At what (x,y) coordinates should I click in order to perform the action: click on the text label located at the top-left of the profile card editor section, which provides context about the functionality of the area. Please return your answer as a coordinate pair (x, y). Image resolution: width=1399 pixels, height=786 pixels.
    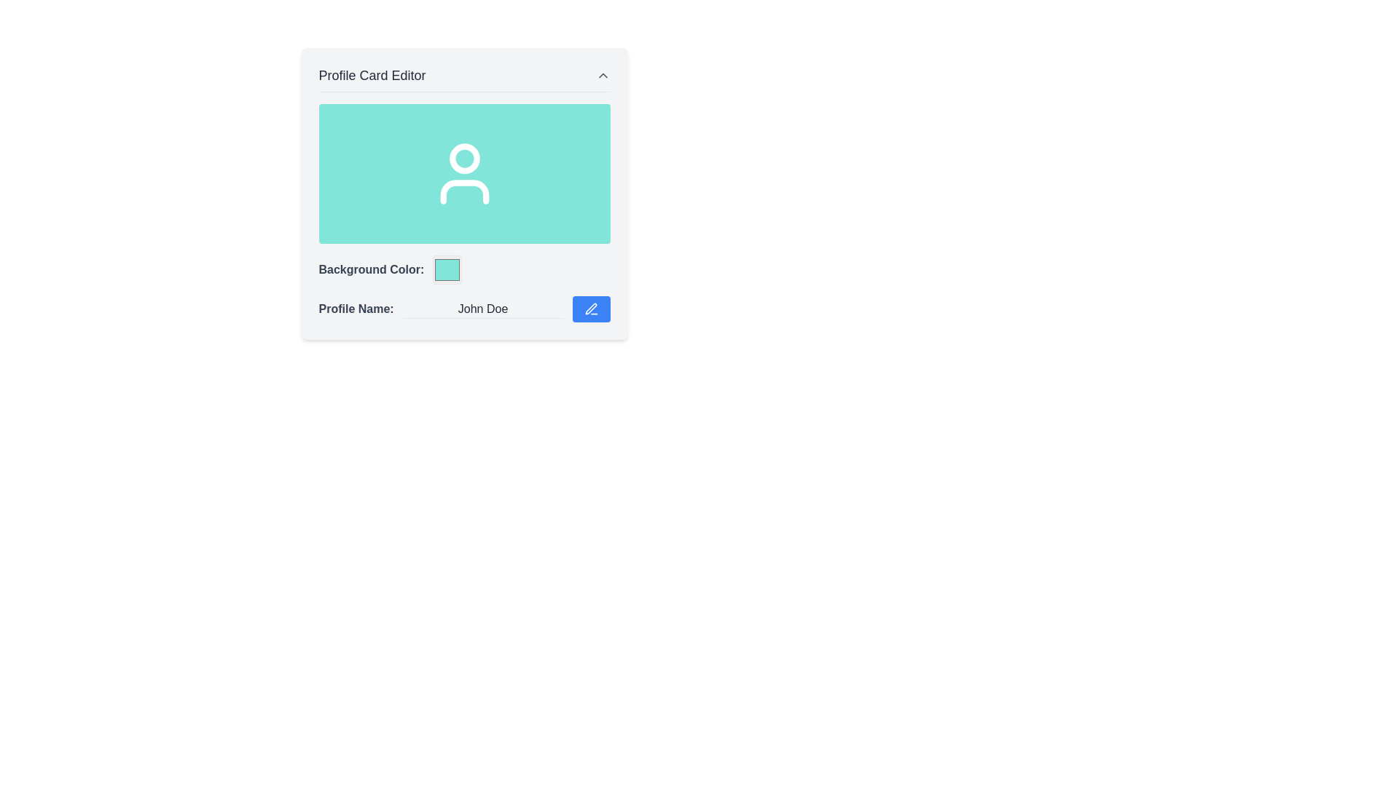
    Looking at the image, I should click on (372, 76).